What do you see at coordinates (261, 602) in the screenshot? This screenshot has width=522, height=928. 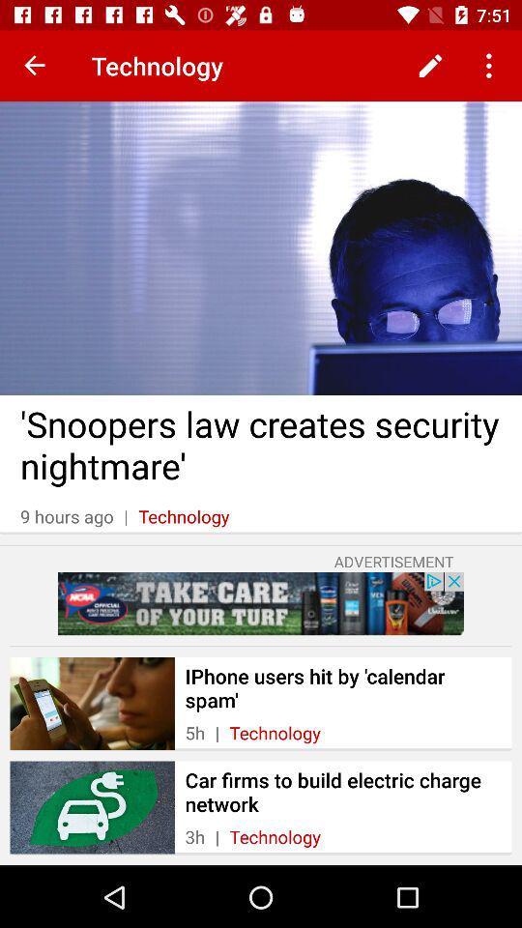 I see `oepn the advertisement` at bounding box center [261, 602].